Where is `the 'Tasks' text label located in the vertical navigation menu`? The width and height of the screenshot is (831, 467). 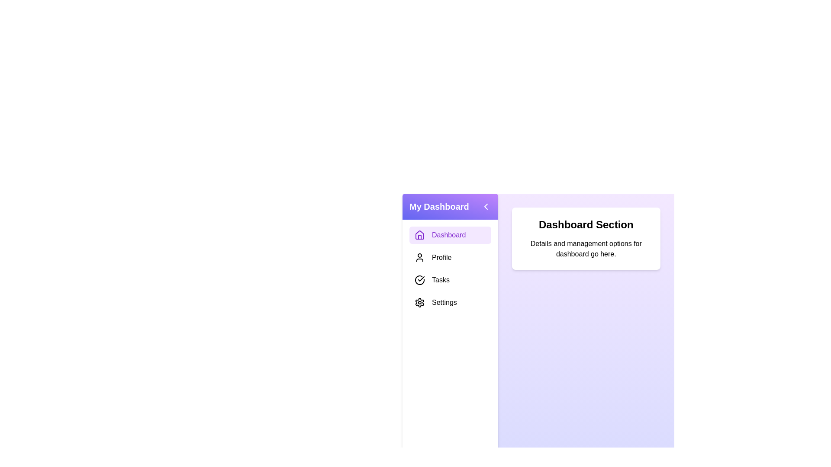 the 'Tasks' text label located in the vertical navigation menu is located at coordinates (441, 280).